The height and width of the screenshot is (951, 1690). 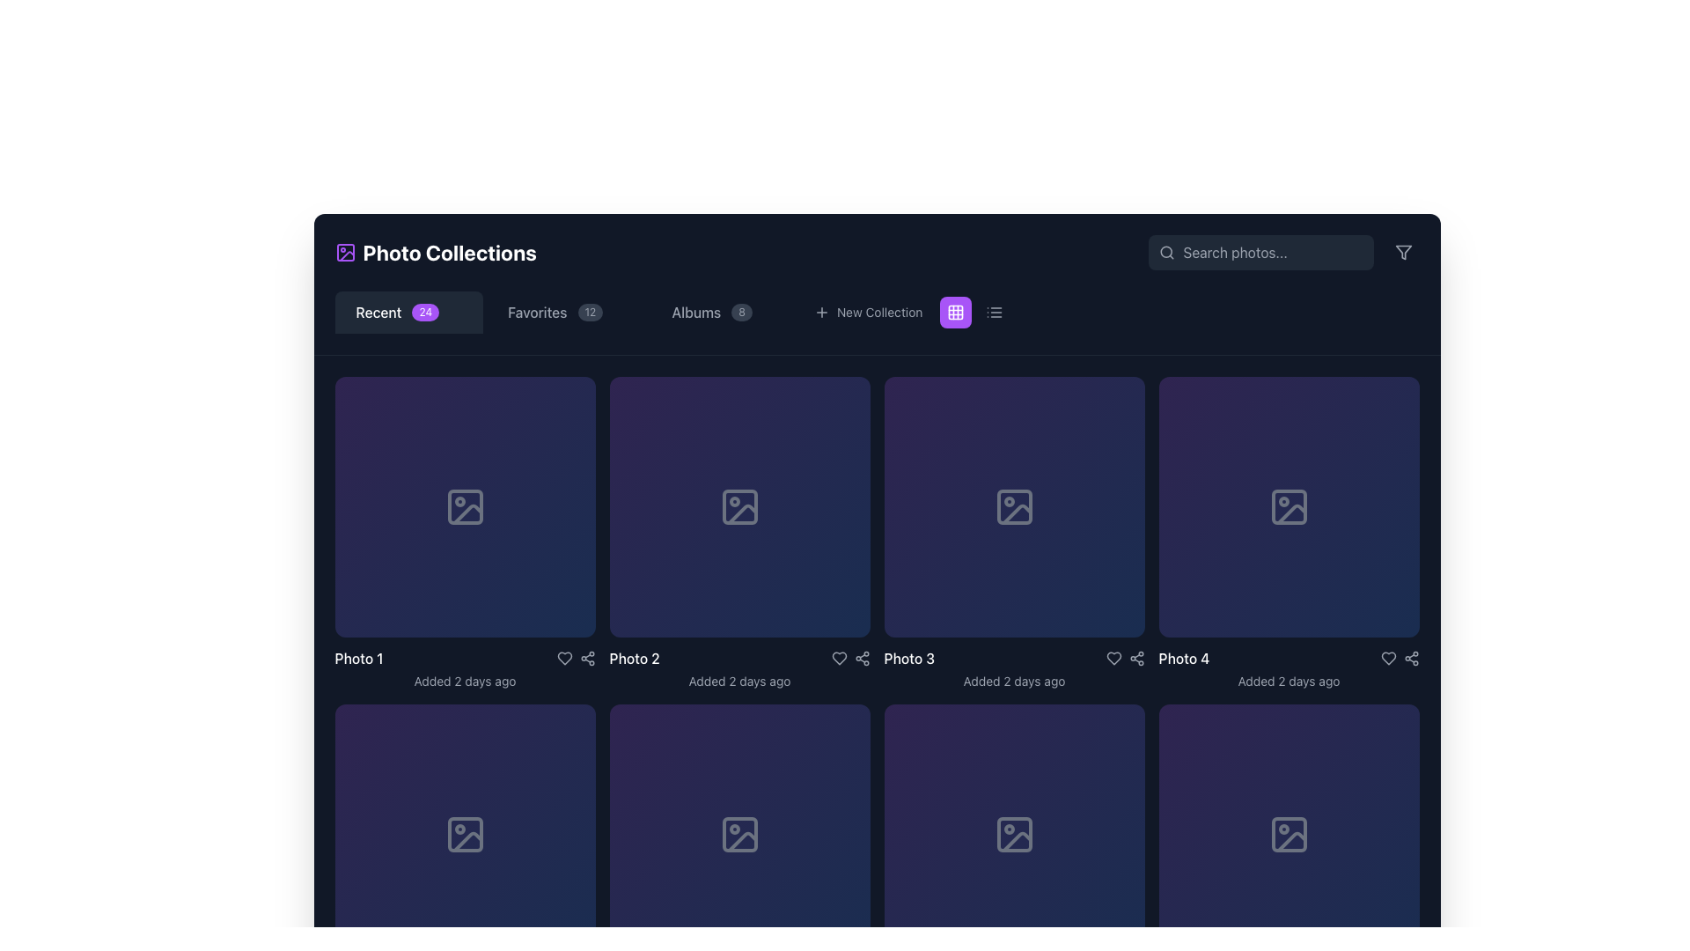 What do you see at coordinates (1017, 514) in the screenshot?
I see `the diagonal marker overlay located in the lower-right portion of the third image thumbnail in the top row of the grid layout` at bounding box center [1017, 514].